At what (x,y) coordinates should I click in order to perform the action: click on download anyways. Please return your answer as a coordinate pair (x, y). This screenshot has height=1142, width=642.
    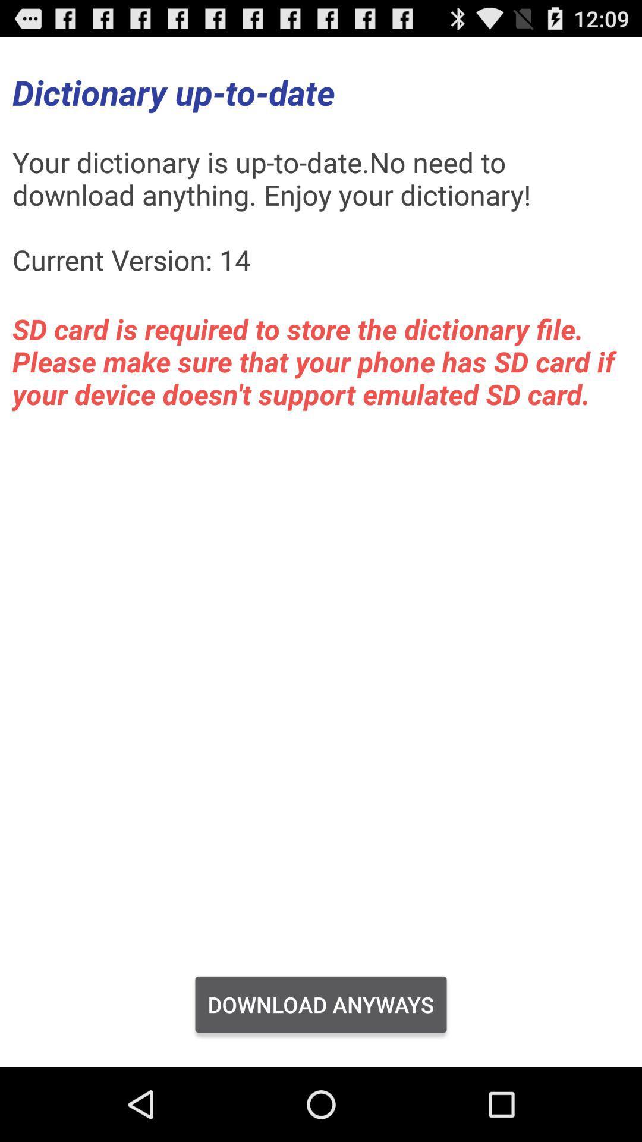
    Looking at the image, I should click on (321, 1004).